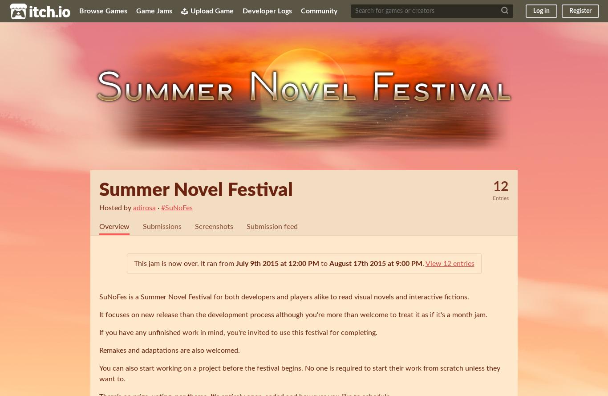  Describe the element at coordinates (267, 11) in the screenshot. I see `'Developer Logs'` at that location.